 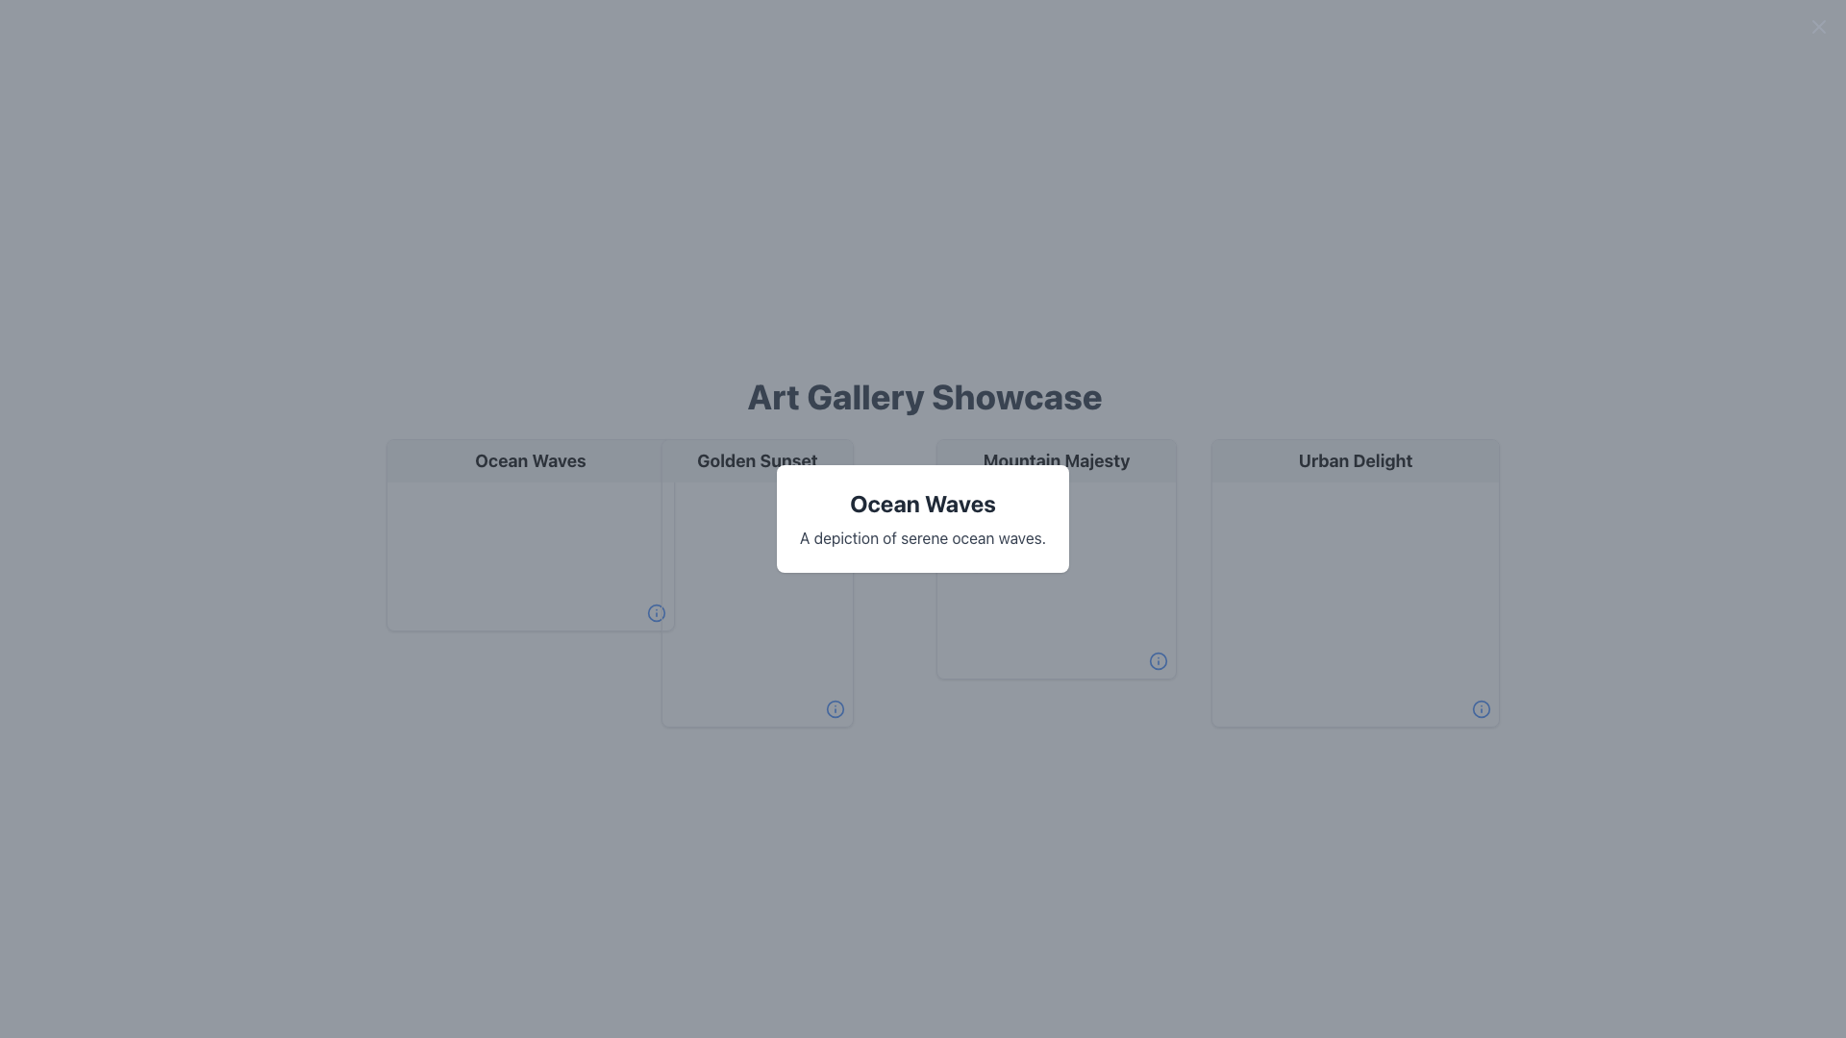 I want to click on the text label displaying 'Urban Delight', which is styled with bold, centered font and has a distinct background color, located at the upper part of a card layout, so click(x=1355, y=460).